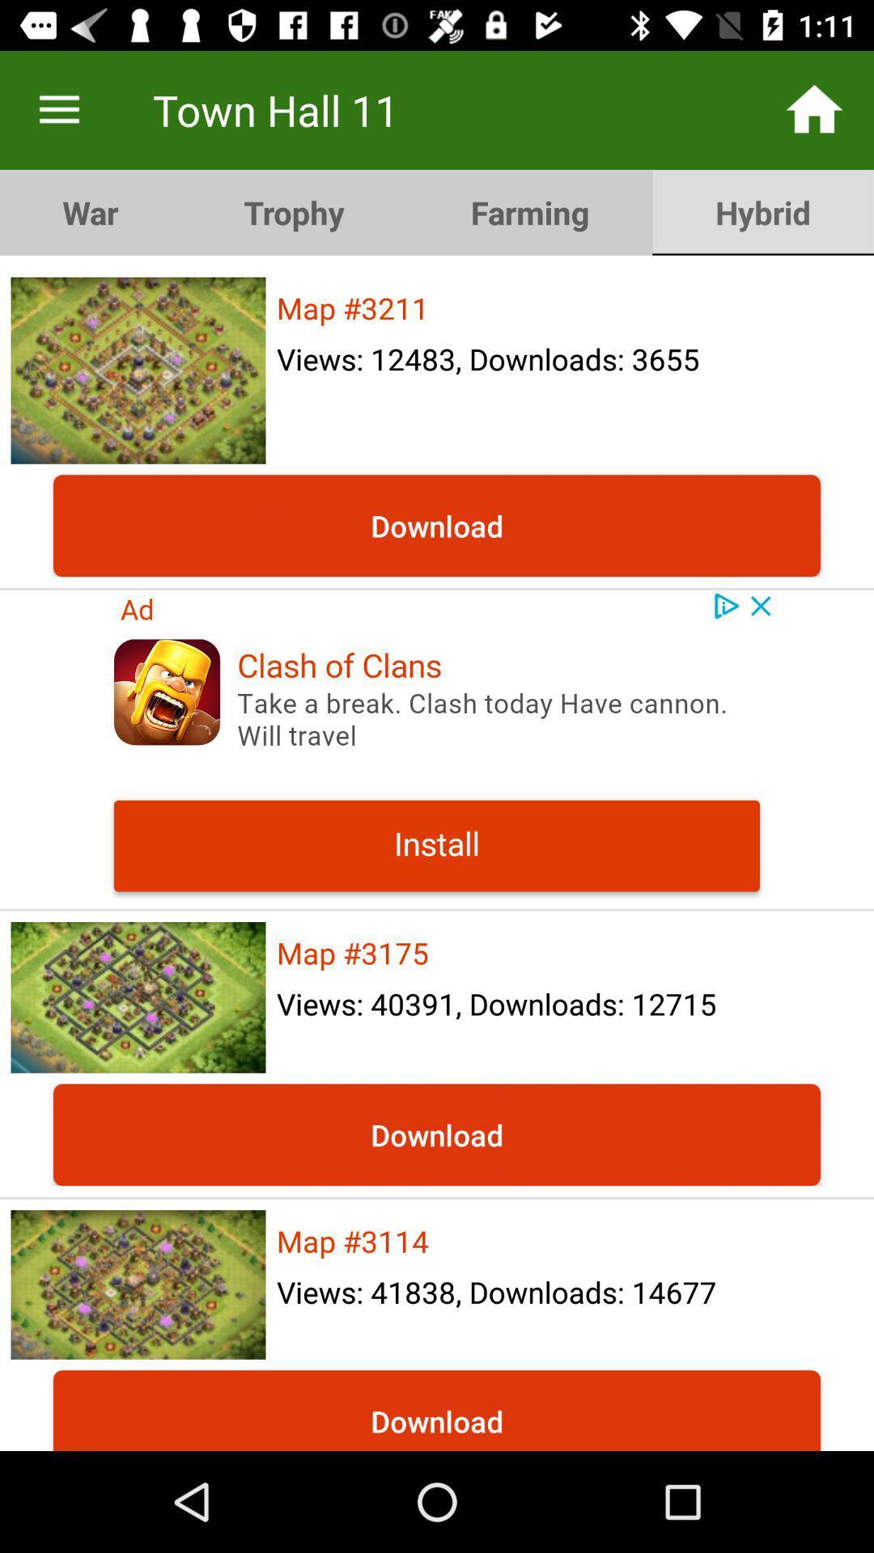 The height and width of the screenshot is (1553, 874). I want to click on visit advertised website, so click(437, 748).